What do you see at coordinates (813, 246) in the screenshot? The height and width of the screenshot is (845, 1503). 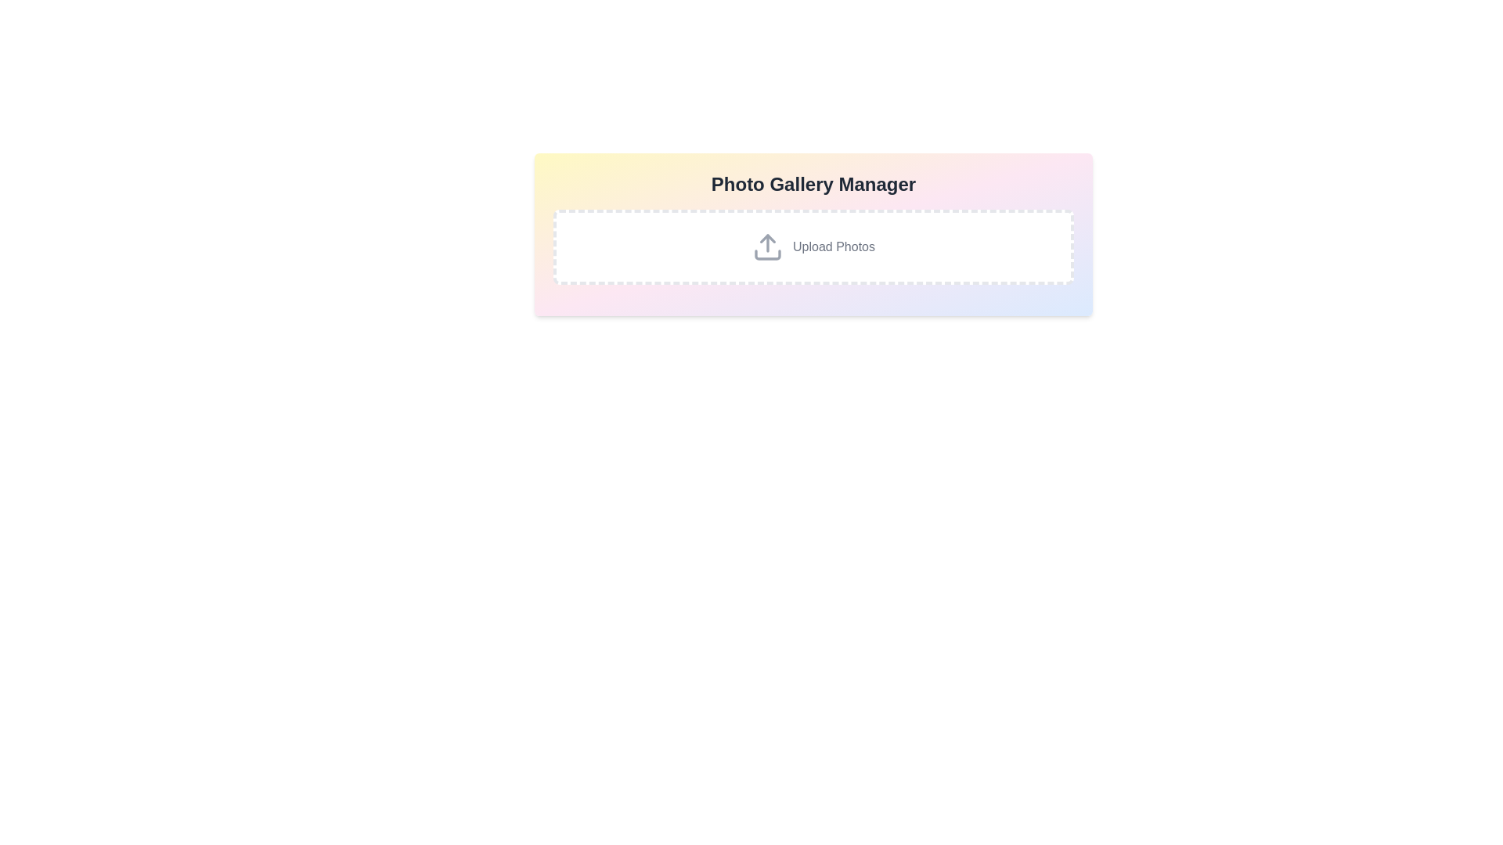 I see `and drop files onto the 'Upload Photos' button, which is a rectangular block with dashed borders and a white background, featuring an upload arrow icon and gray text` at bounding box center [813, 246].